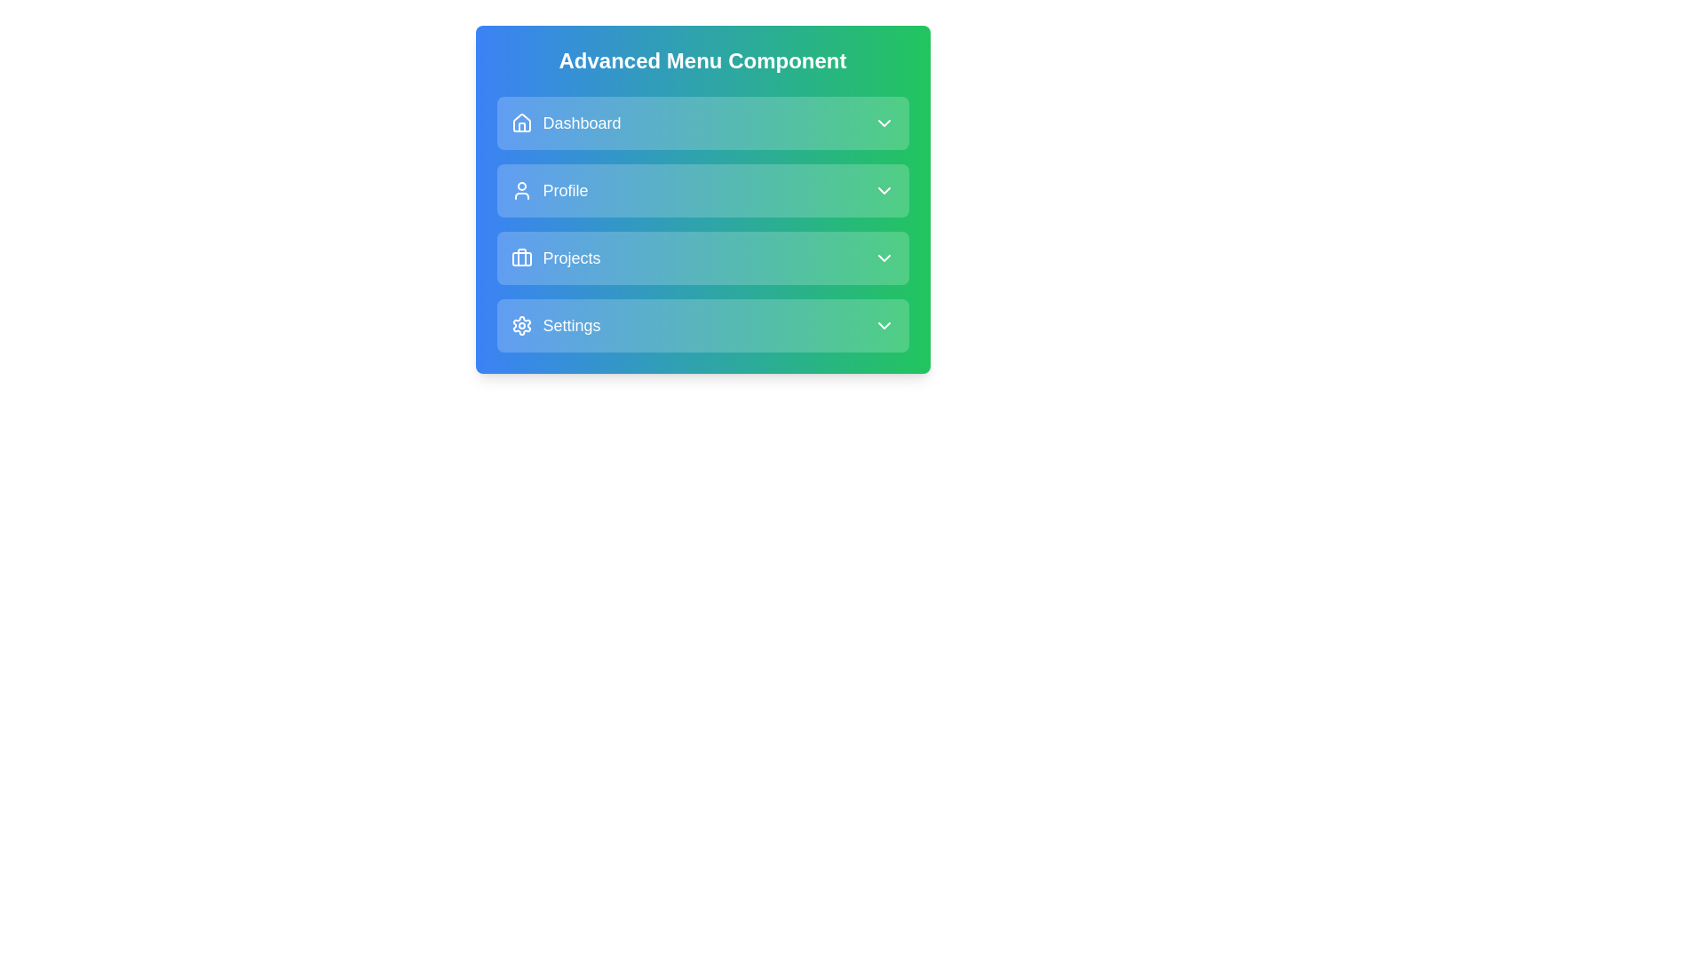  What do you see at coordinates (884, 122) in the screenshot?
I see `the downward-pointing chevron icon with a black outline on a light green background, located next to the text 'Dashboard'` at bounding box center [884, 122].